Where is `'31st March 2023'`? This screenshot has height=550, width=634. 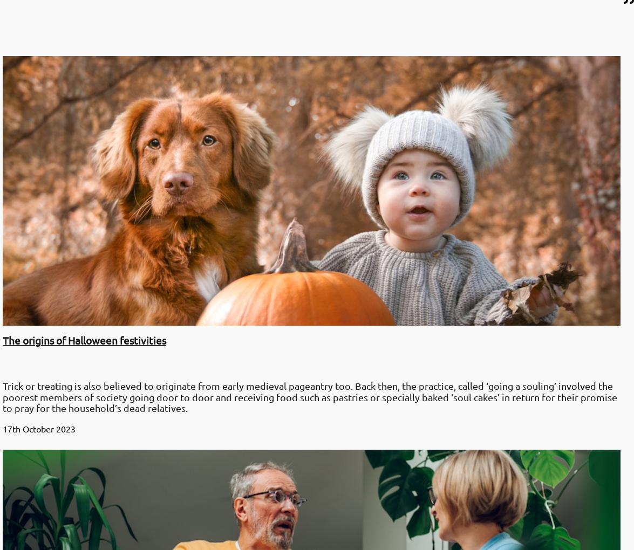
'31st March 2023' is located at coordinates (35, 278).